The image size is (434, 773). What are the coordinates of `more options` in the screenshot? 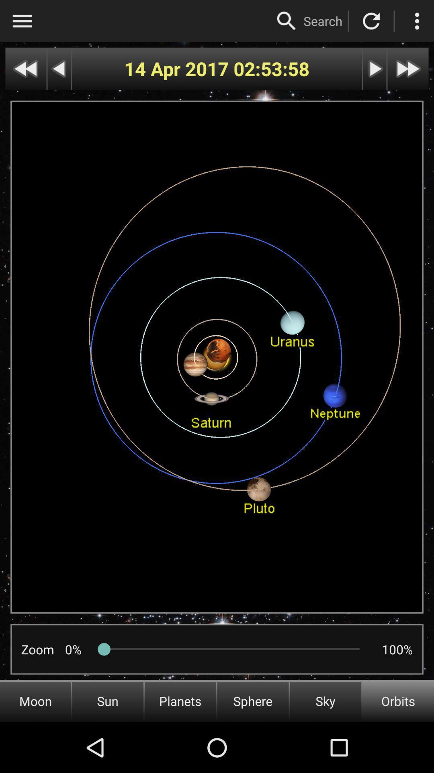 It's located at (416, 21).